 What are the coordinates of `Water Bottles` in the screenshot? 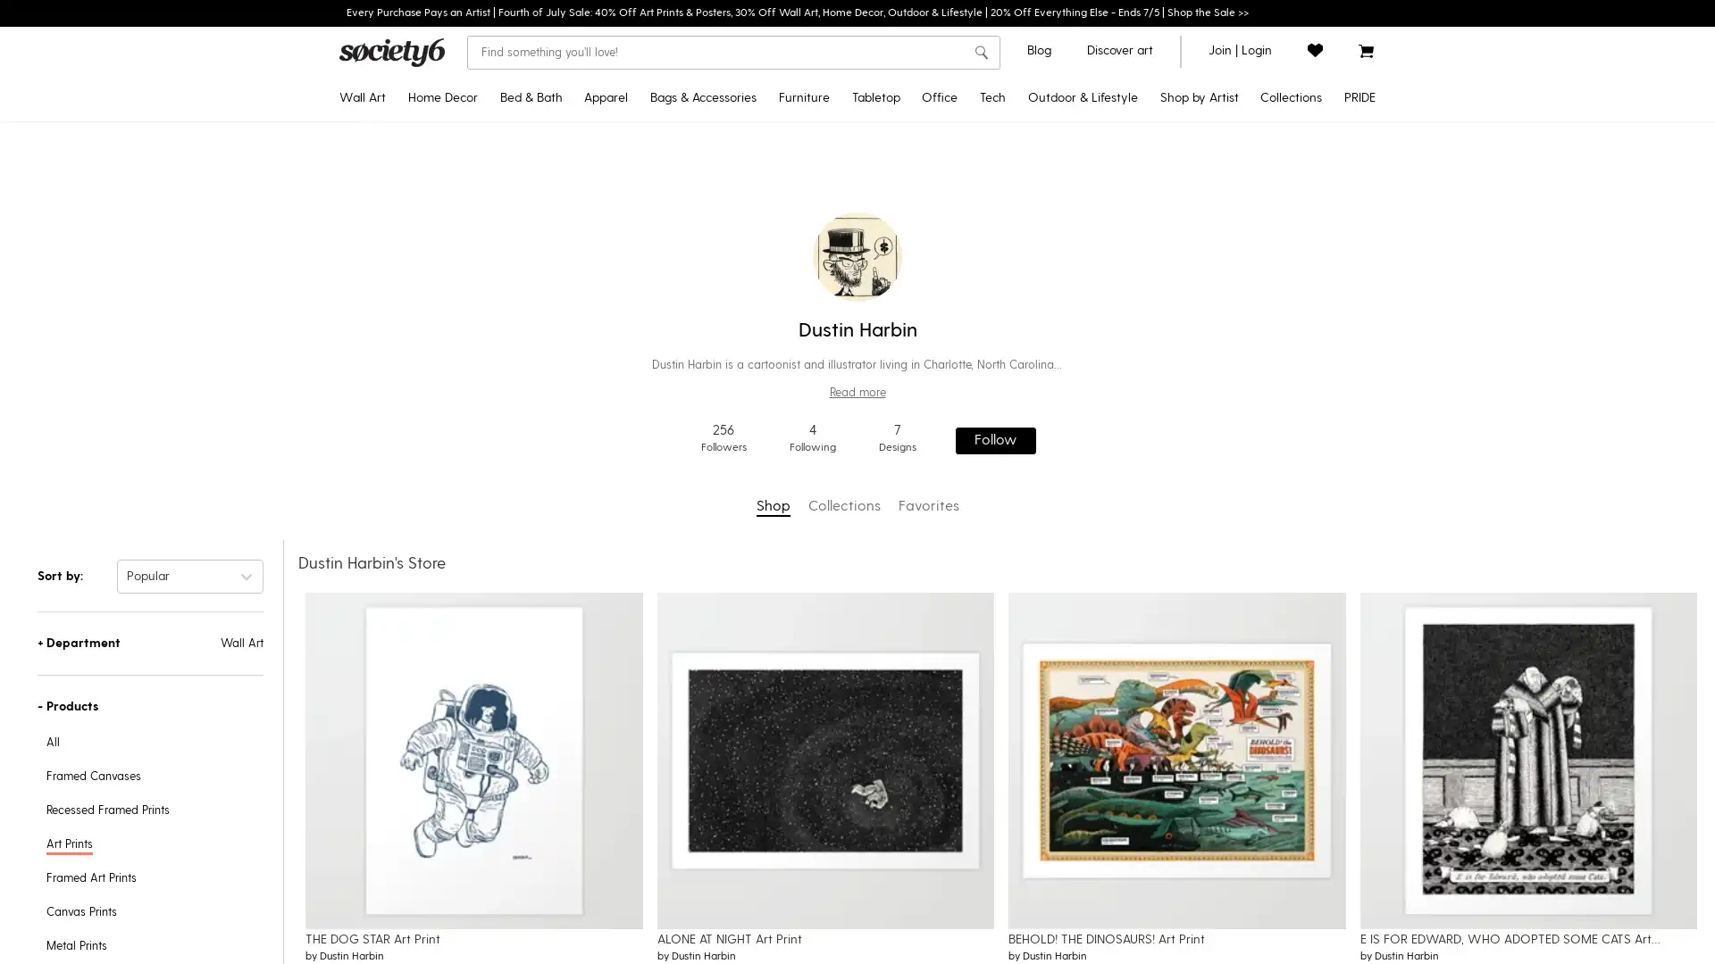 It's located at (908, 315).